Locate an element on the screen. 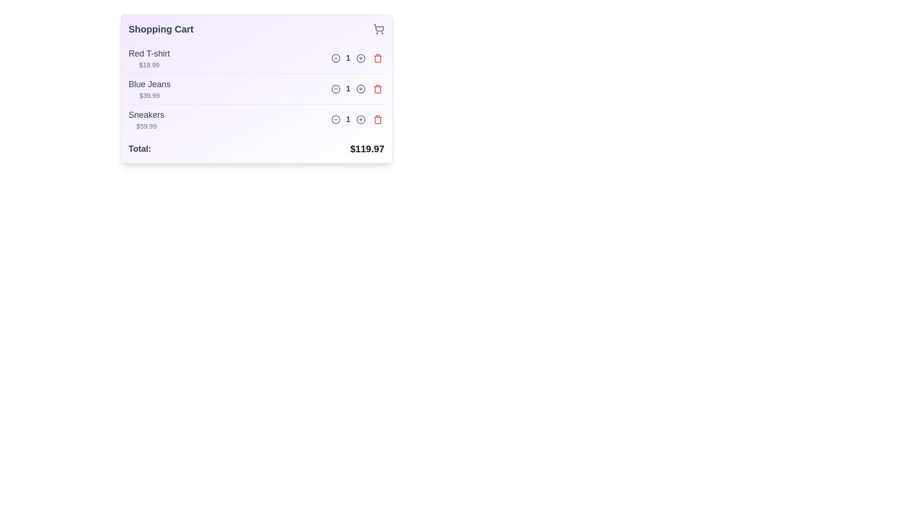 The height and width of the screenshot is (509, 906). displayed numeric value from the text element representing the current quantity of the associated shopping cart item, located between the decrement and increment buttons is located at coordinates (348, 58).